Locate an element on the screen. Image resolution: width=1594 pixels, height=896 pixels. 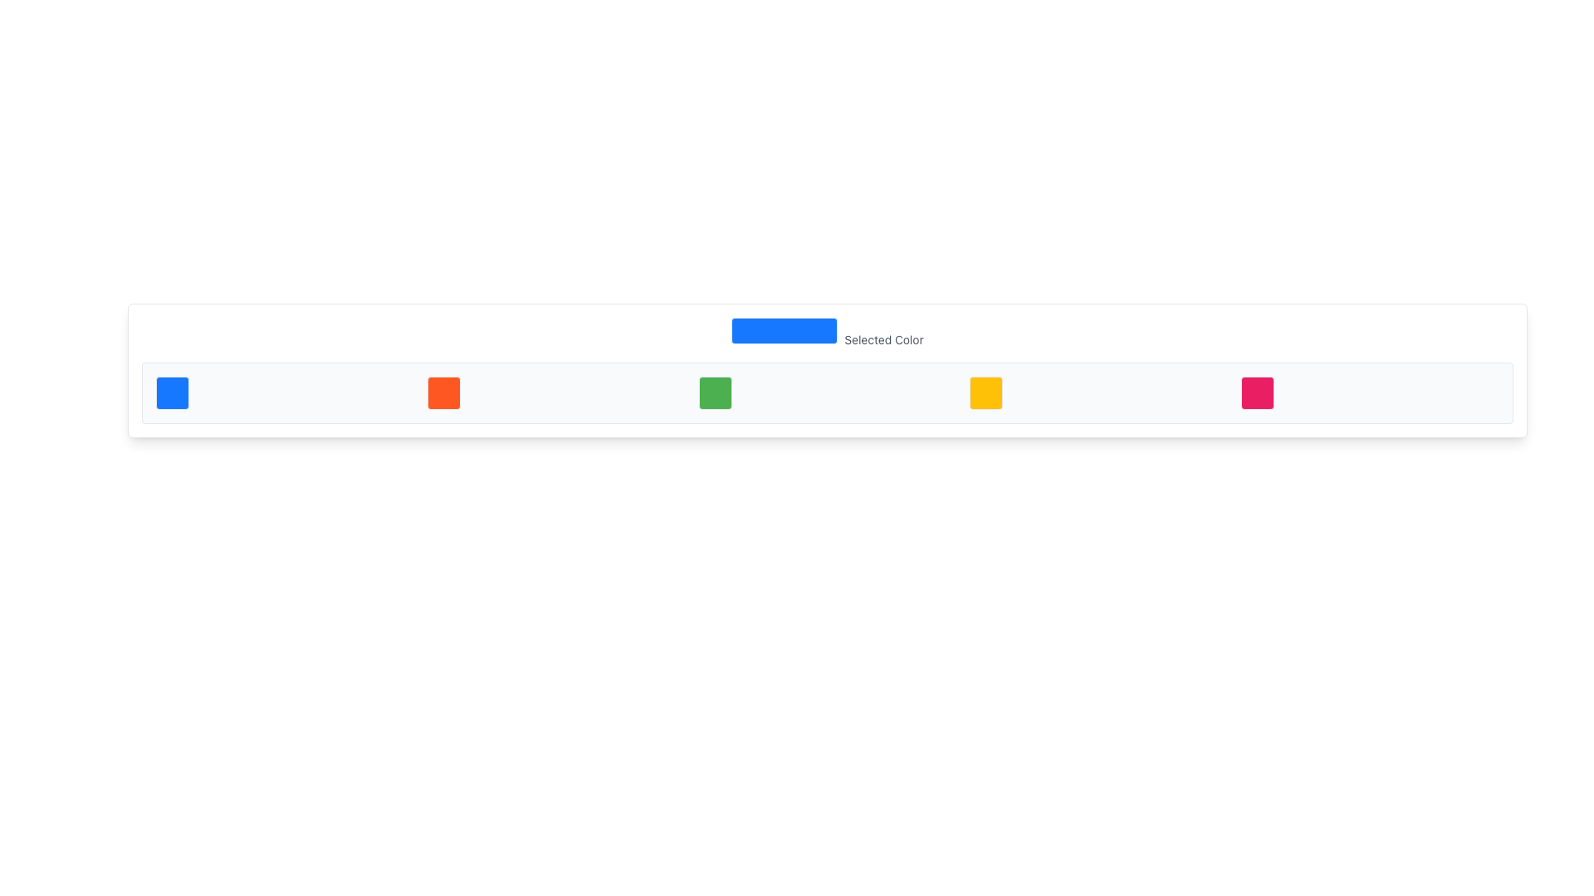
the second square from the left in a grid of five colored squares, which acts as a Click button or color indicator is located at coordinates (443, 393).